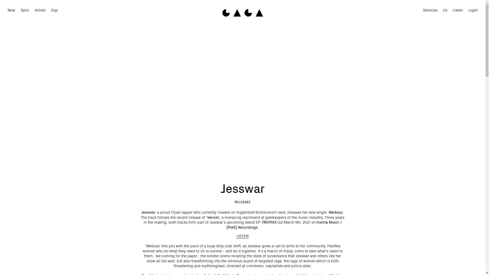  Describe the element at coordinates (11, 10) in the screenshot. I see `'New'` at that location.